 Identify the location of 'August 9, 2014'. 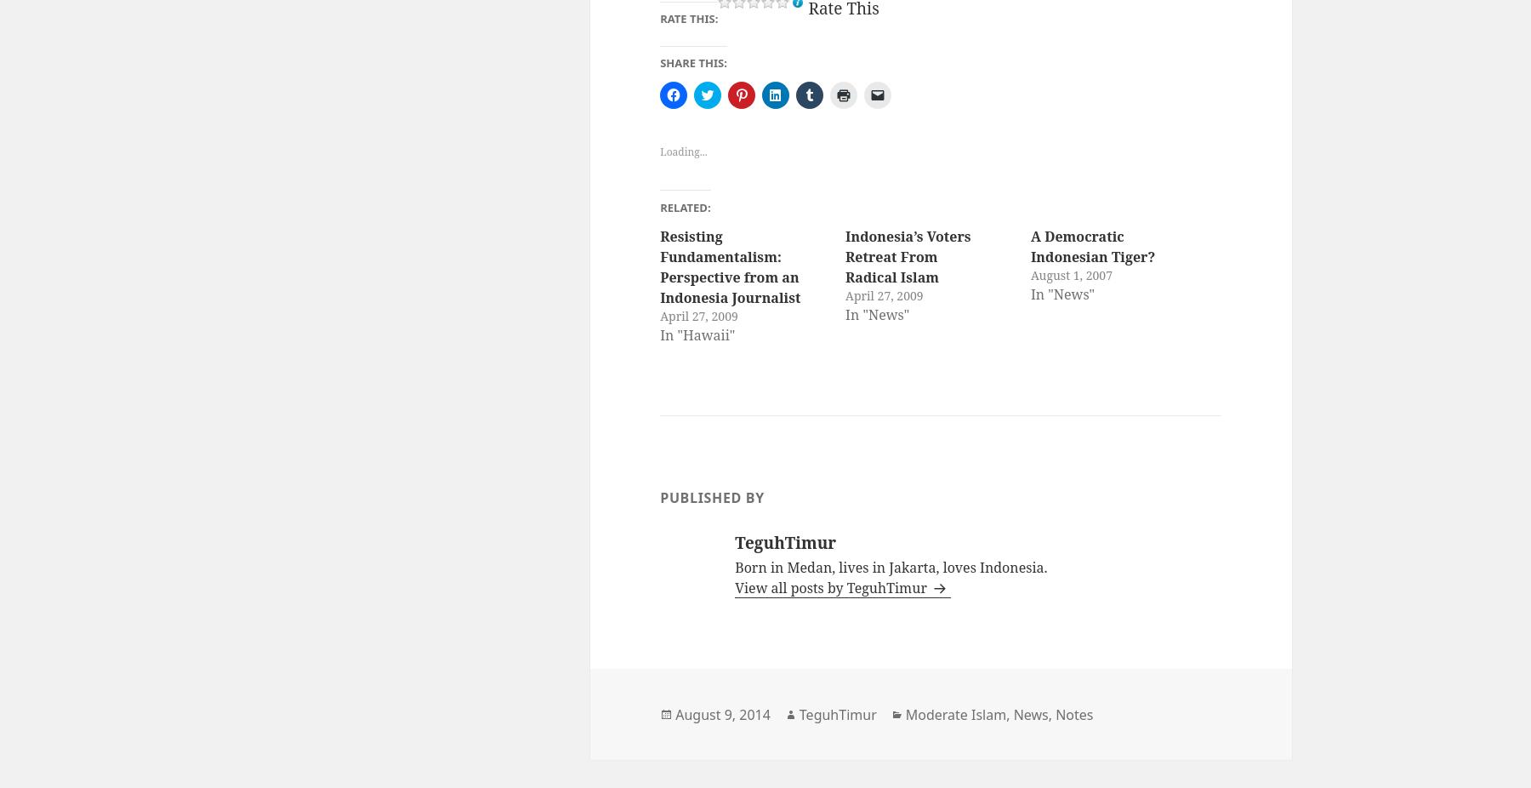
(674, 713).